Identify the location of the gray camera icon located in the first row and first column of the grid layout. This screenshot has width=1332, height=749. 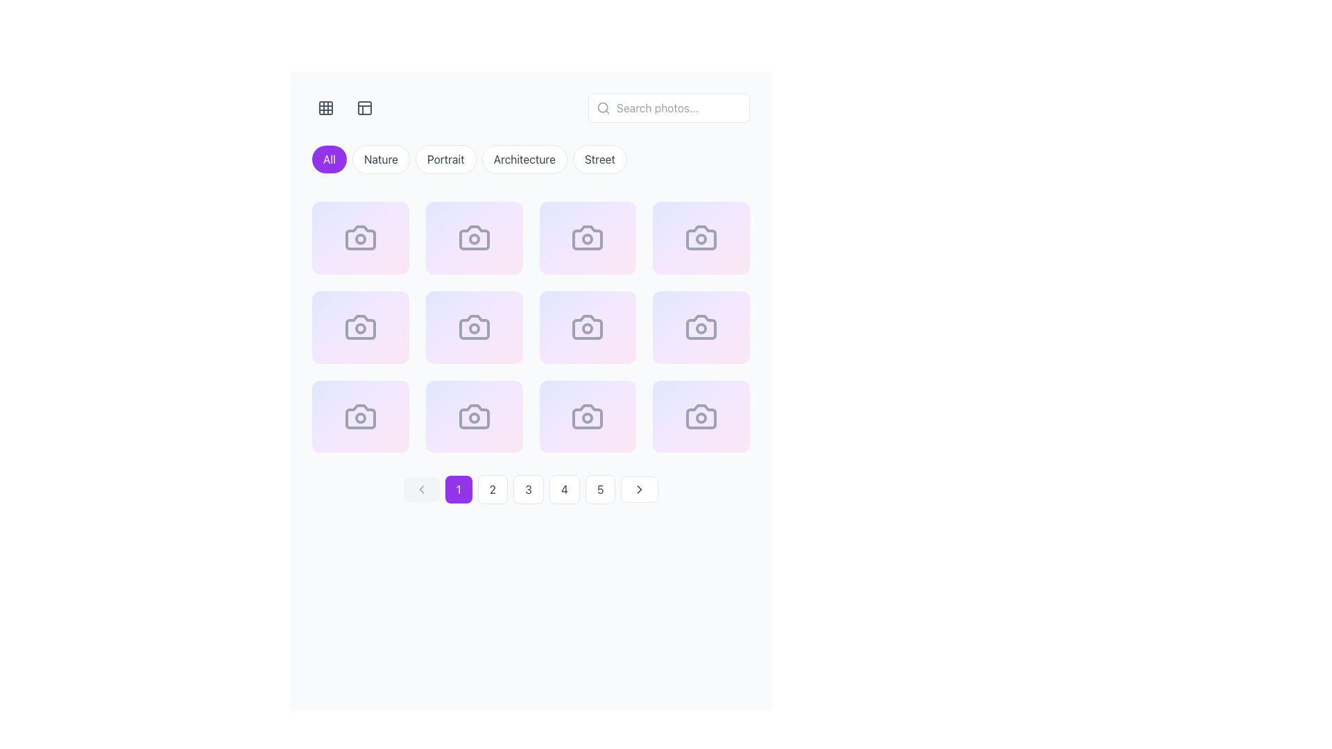
(360, 237).